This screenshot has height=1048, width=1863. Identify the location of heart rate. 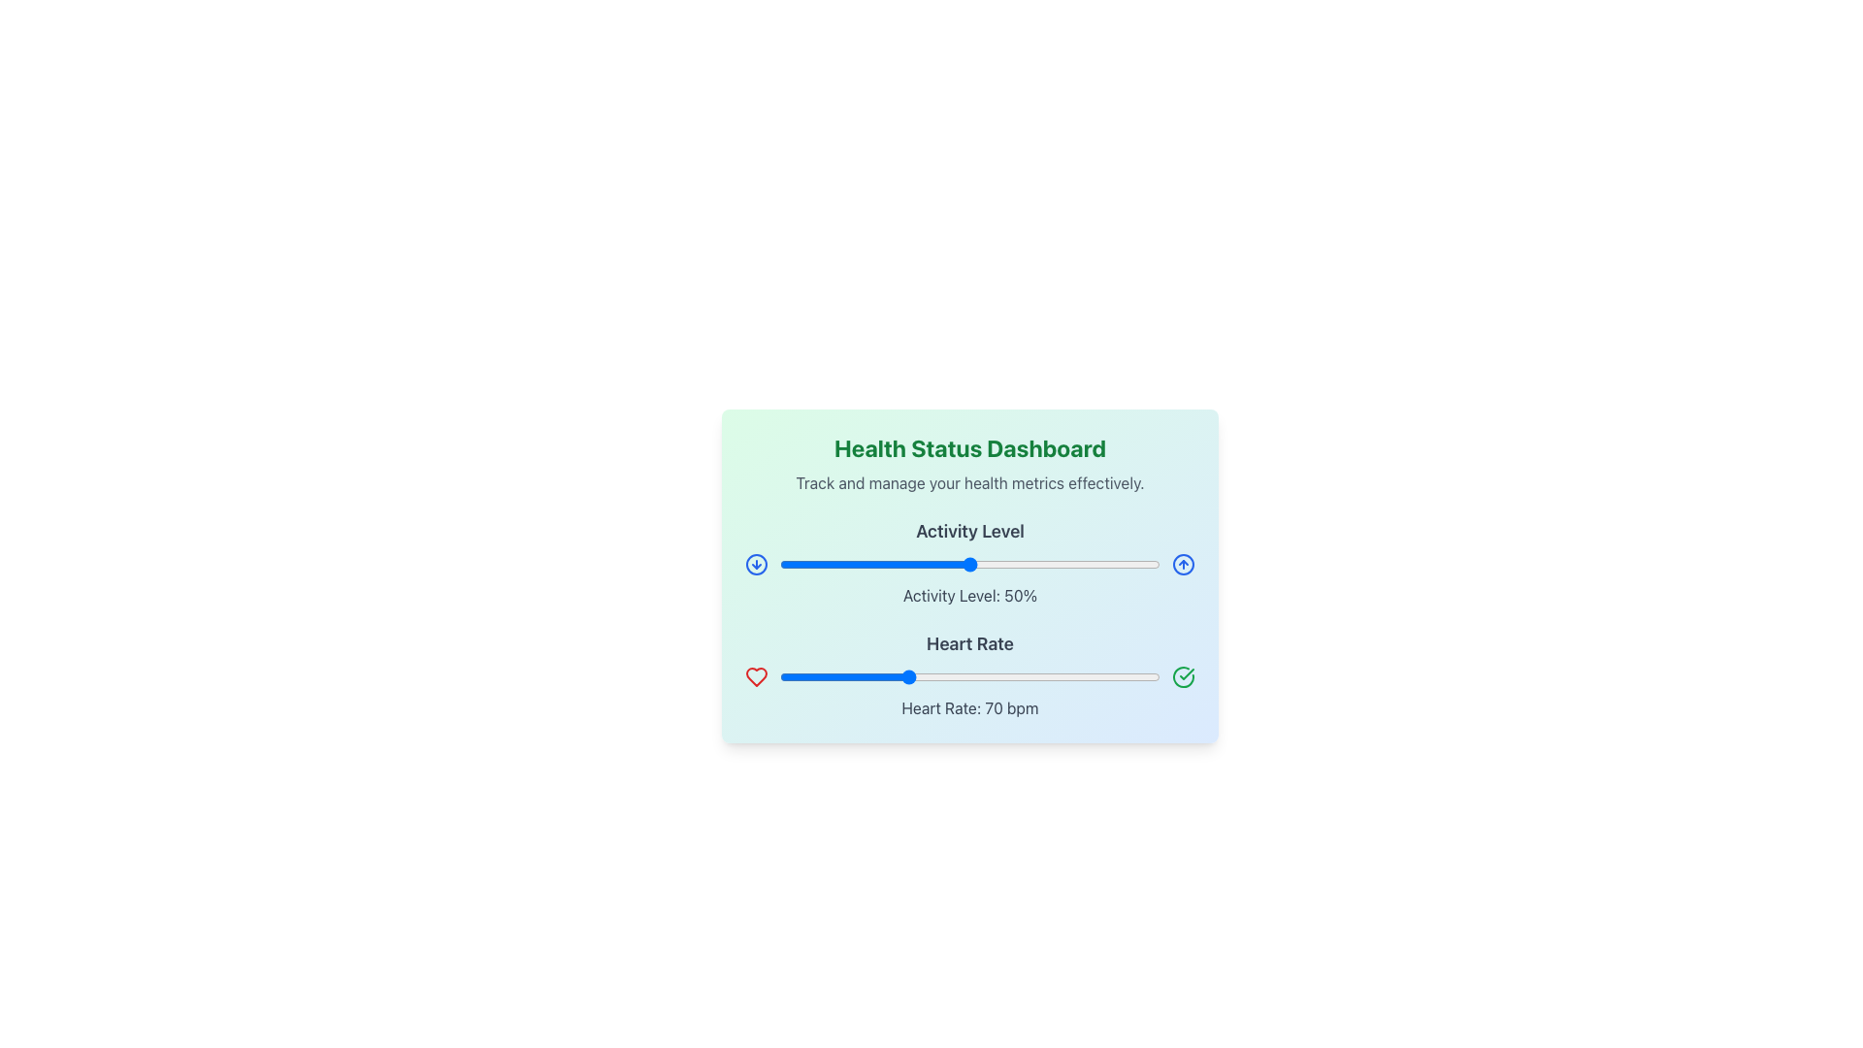
(796, 676).